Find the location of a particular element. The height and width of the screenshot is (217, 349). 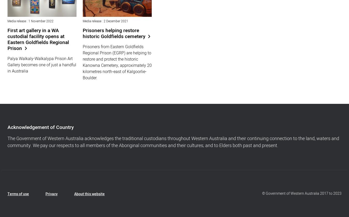

'Privacy' is located at coordinates (51, 194).